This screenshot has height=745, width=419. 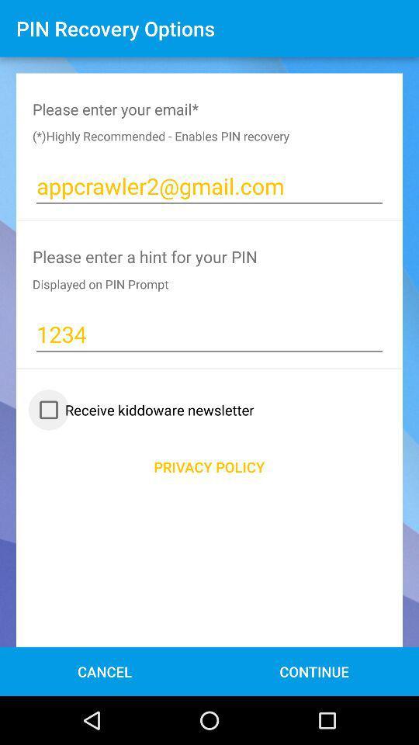 What do you see at coordinates (314, 670) in the screenshot?
I see `the icon to the right of cancel item` at bounding box center [314, 670].